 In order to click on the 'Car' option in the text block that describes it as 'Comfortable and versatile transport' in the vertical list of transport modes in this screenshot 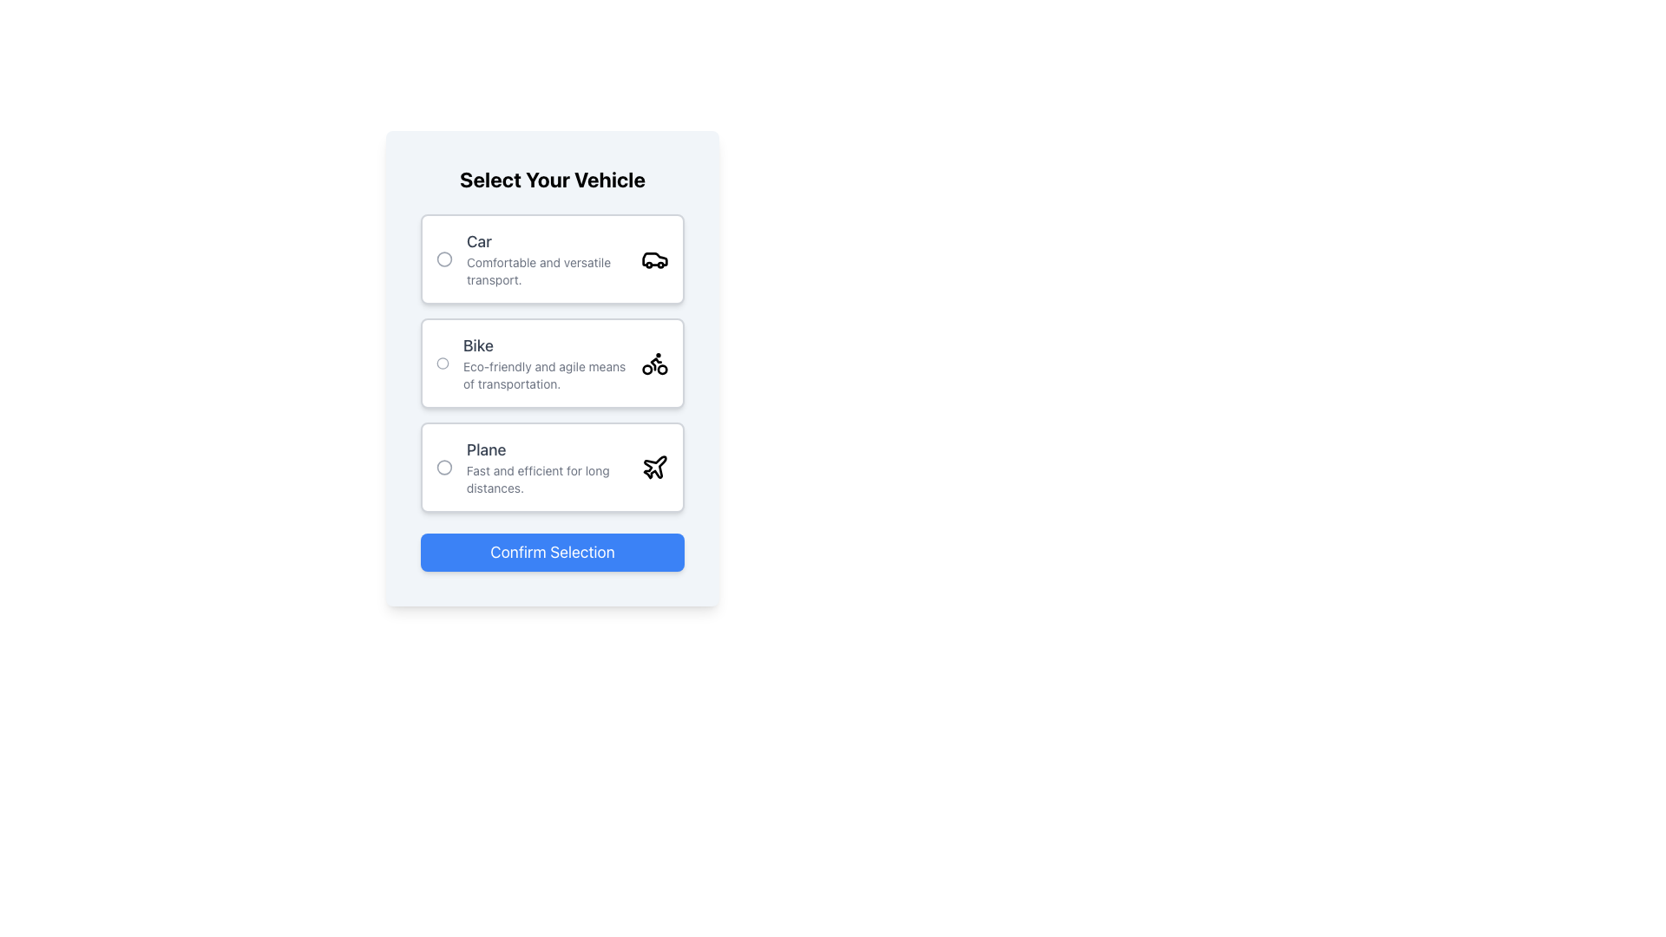, I will do `click(546, 259)`.